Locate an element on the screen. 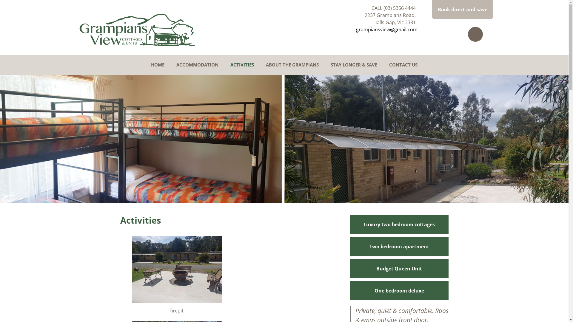  'ACCOMMODATION' is located at coordinates (197, 65).